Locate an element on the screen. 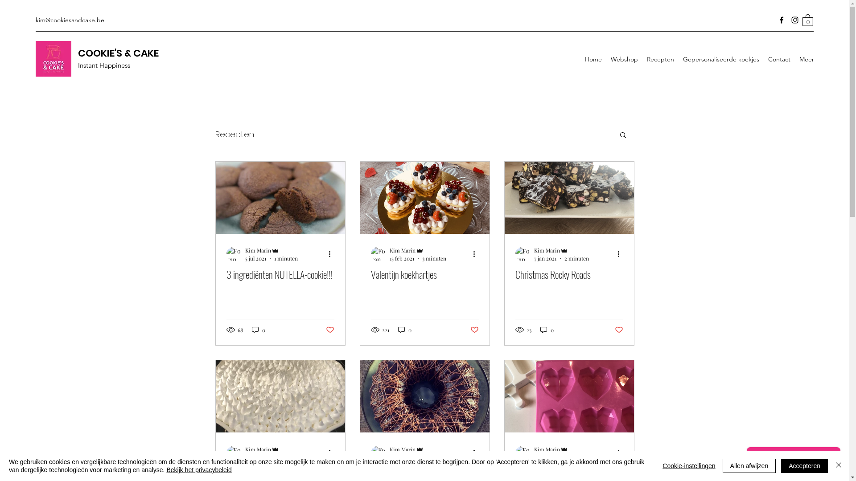  'Home' is located at coordinates (593, 59).